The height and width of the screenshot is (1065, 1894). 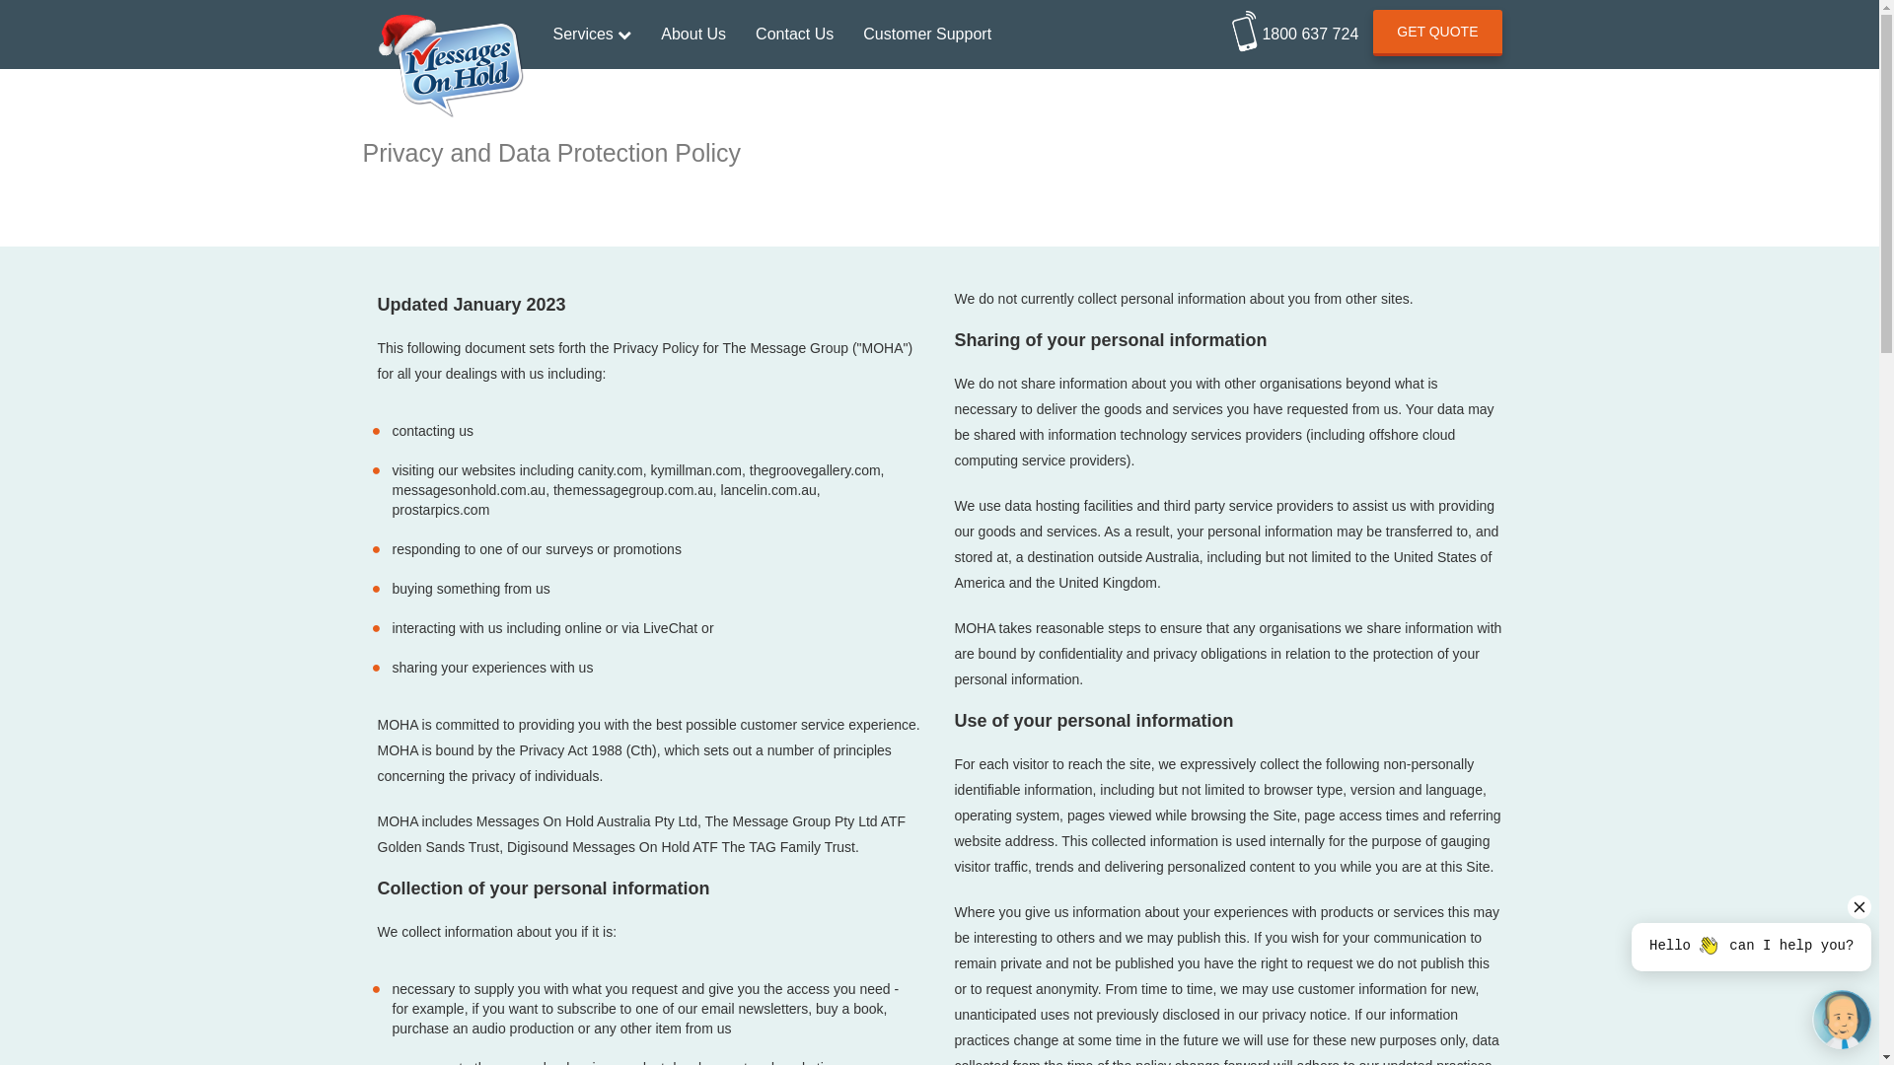 I want to click on 'Messages On Hold Logo', so click(x=449, y=65).